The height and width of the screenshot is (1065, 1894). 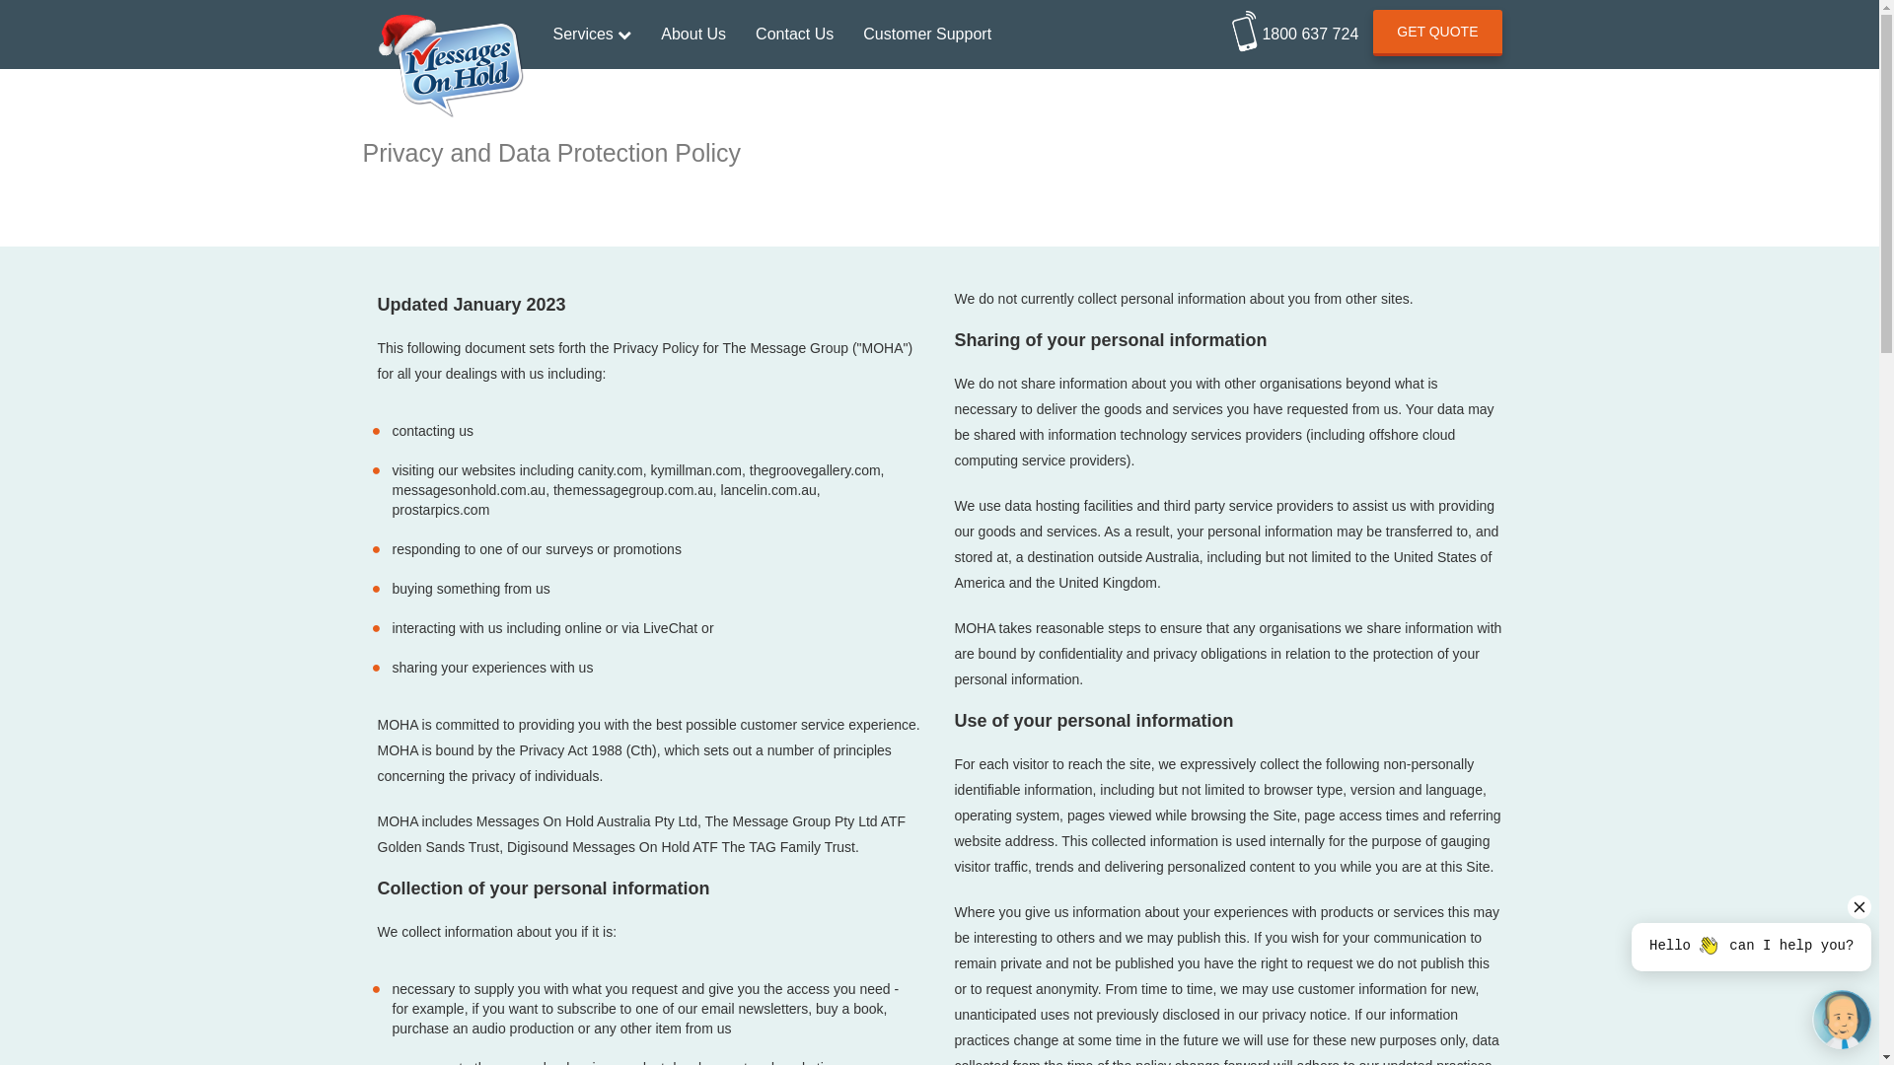 I want to click on 'Messages On Hold Logo', so click(x=449, y=65).